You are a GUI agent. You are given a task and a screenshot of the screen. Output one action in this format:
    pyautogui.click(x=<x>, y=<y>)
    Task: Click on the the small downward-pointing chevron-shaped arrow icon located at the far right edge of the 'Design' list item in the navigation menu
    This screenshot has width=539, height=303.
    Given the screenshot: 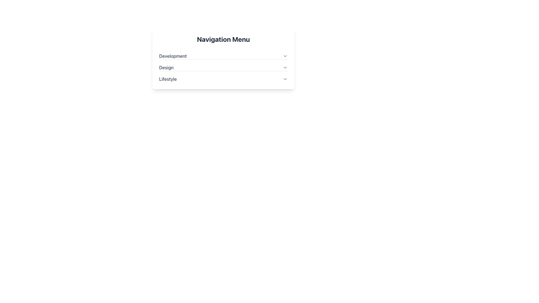 What is the action you would take?
    pyautogui.click(x=285, y=67)
    